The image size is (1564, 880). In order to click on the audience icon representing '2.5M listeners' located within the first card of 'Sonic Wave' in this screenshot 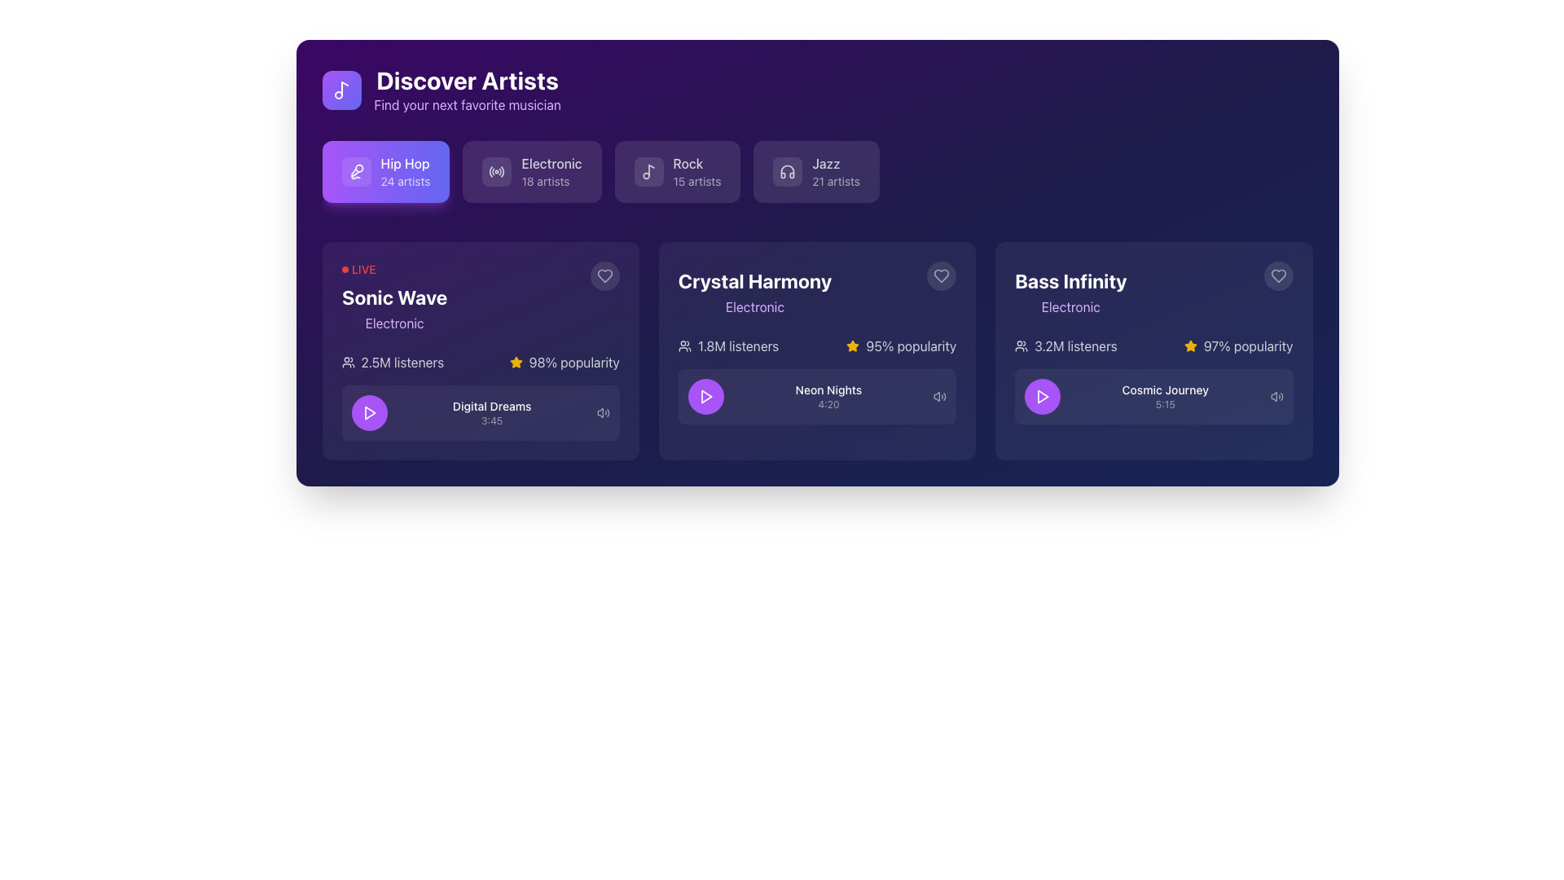, I will do `click(347, 361)`.